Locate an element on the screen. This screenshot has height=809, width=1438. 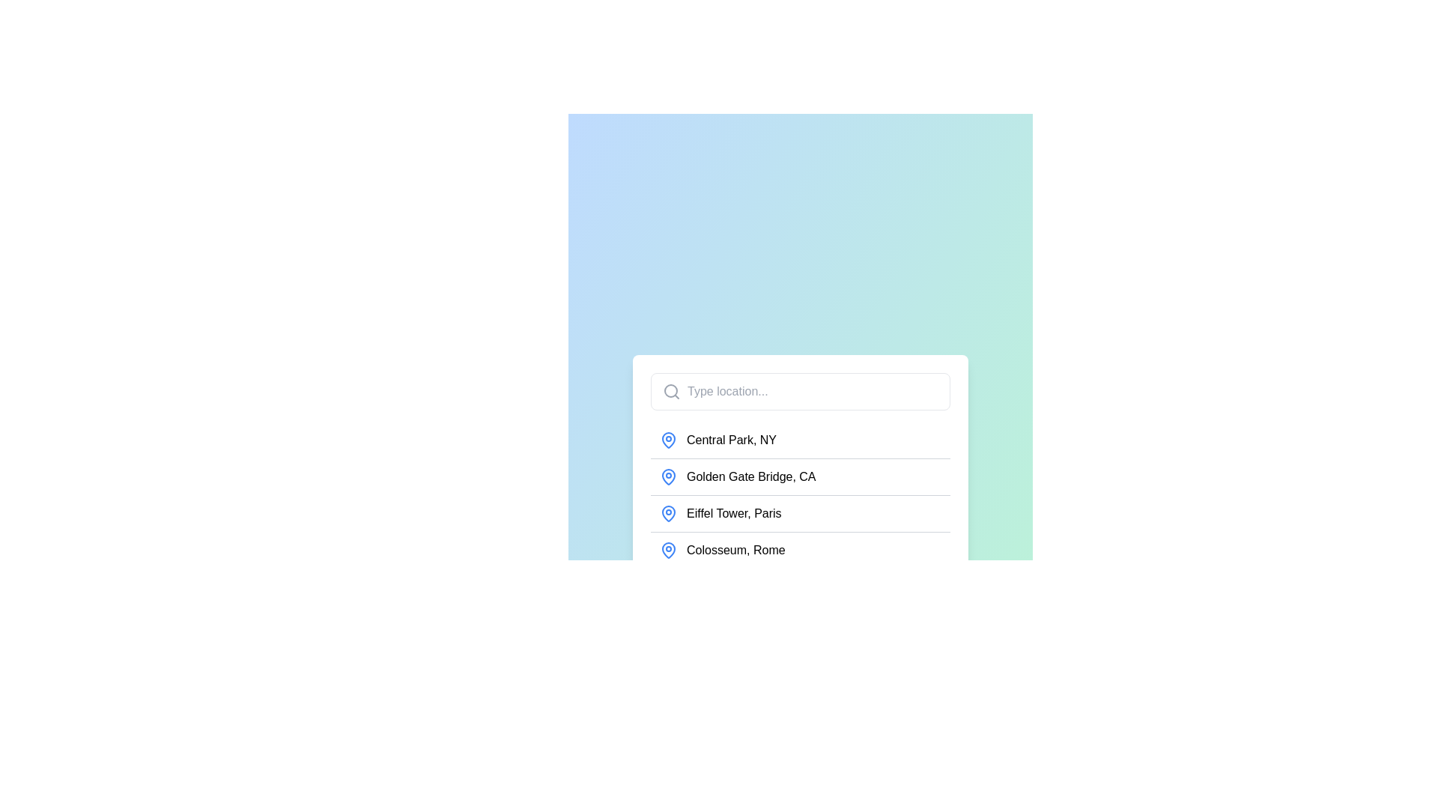
the map pin icon representing Central Park, NY to interact with the location entry is located at coordinates (667, 439).